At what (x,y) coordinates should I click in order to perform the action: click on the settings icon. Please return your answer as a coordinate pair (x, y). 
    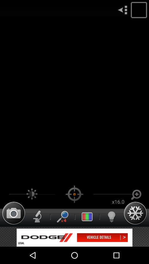
    Looking at the image, I should click on (135, 228).